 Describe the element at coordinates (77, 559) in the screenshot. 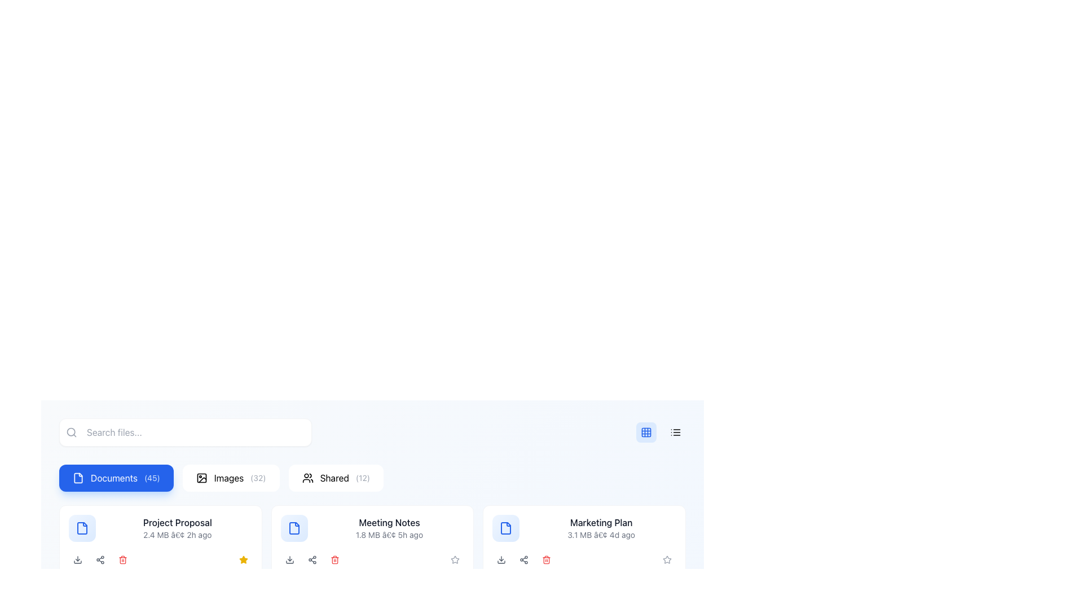

I see `the download icon button, which is styled in a minimalist line-art format and located on the file card for the 'Project Proposal' document, positioned second from the left among action icons` at that location.